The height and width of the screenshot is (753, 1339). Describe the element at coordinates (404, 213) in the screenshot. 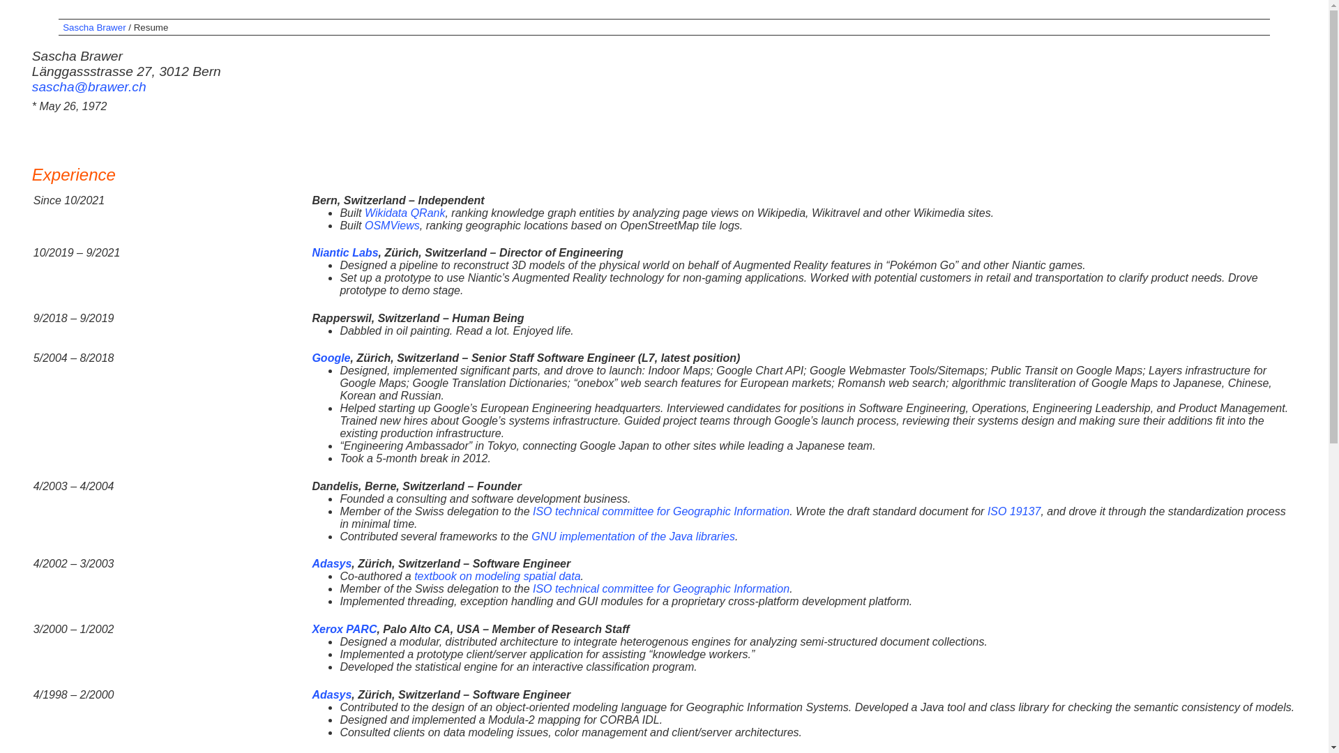

I see `'Wikidata QRank'` at that location.